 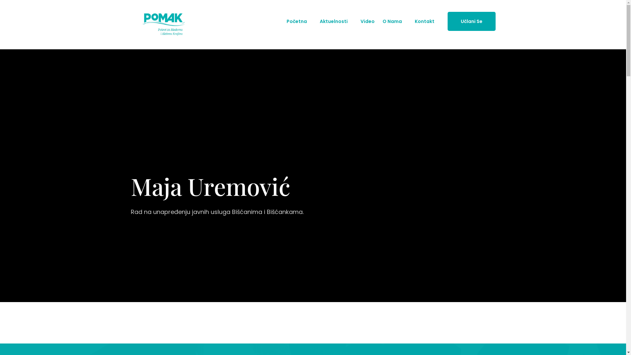 What do you see at coordinates (367, 21) in the screenshot?
I see `'Video'` at bounding box center [367, 21].